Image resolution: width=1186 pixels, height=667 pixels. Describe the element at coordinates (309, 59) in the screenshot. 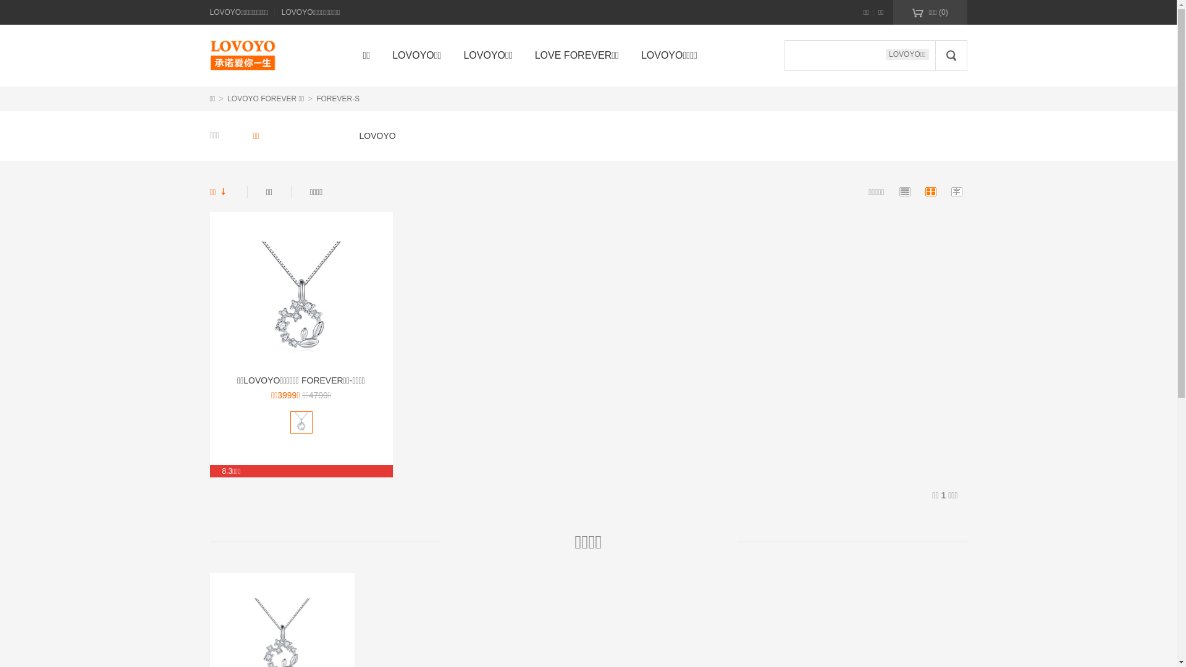

I see `'  '` at that location.